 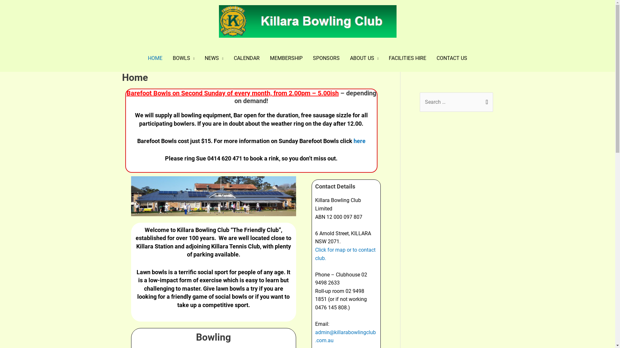 What do you see at coordinates (345, 336) in the screenshot?
I see `'admin@killarabowlingclub.com.au'` at bounding box center [345, 336].